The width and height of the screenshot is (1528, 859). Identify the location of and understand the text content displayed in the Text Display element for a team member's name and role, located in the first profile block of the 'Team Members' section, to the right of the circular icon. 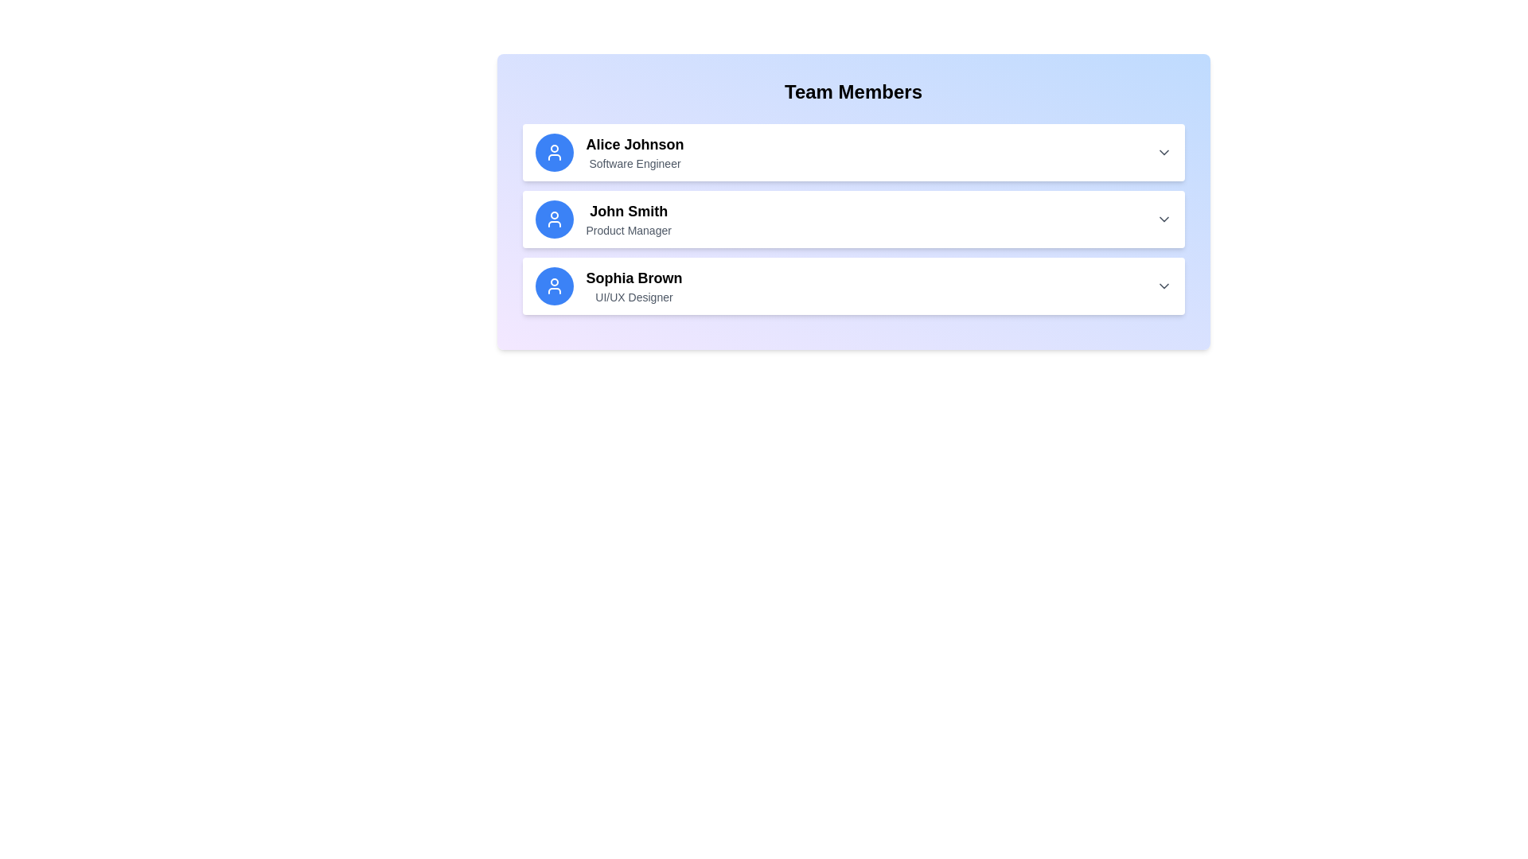
(633, 153).